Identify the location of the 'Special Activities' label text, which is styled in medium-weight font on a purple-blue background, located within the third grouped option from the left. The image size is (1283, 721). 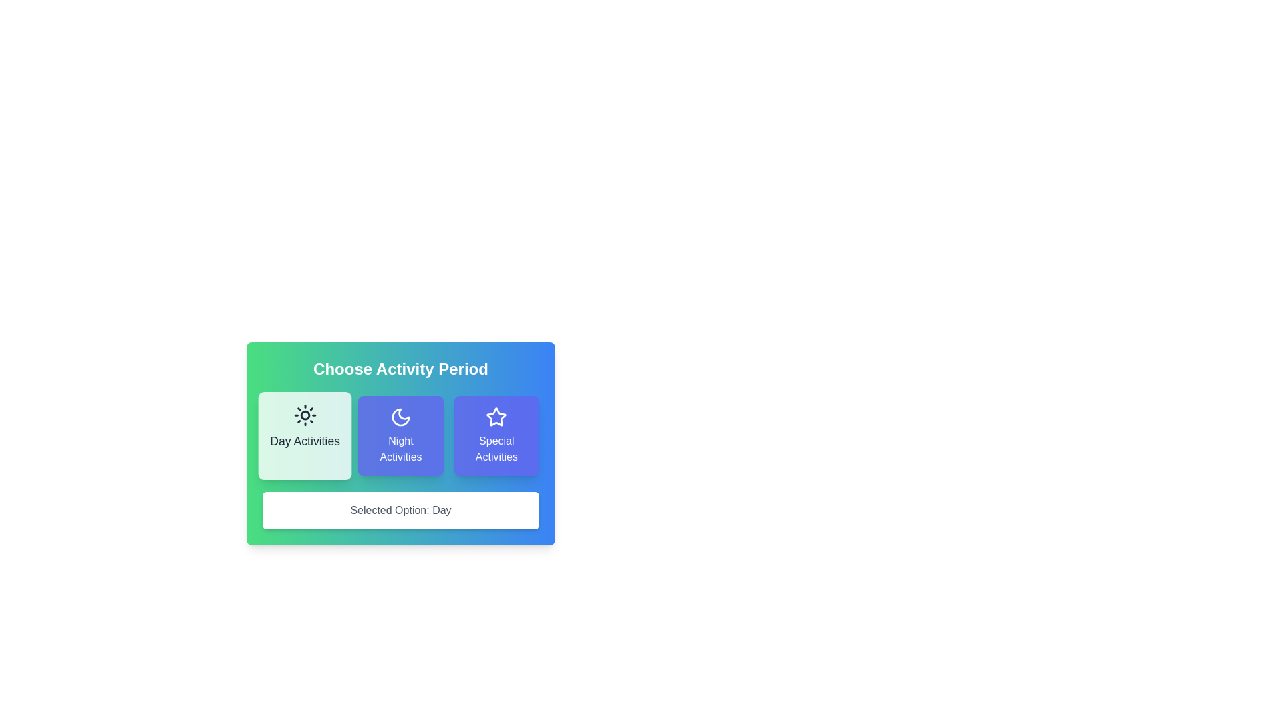
(496, 449).